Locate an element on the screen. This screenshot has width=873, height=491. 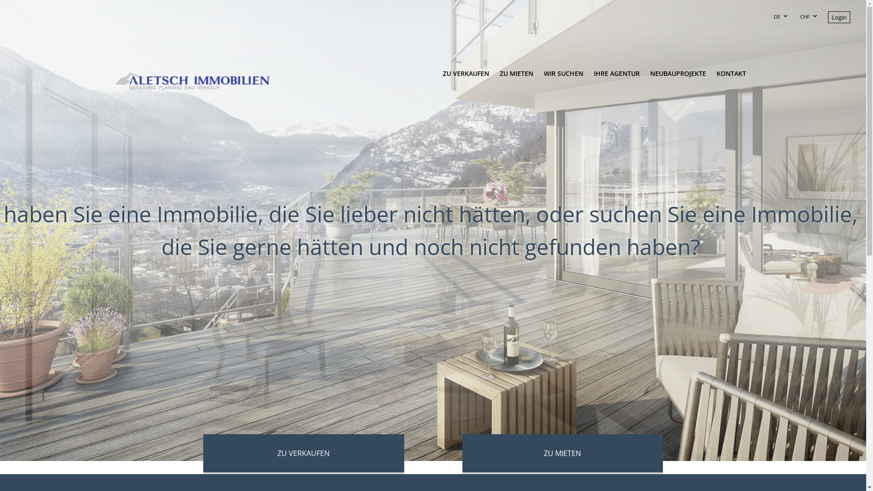
'KONTAKT' is located at coordinates (711, 78).